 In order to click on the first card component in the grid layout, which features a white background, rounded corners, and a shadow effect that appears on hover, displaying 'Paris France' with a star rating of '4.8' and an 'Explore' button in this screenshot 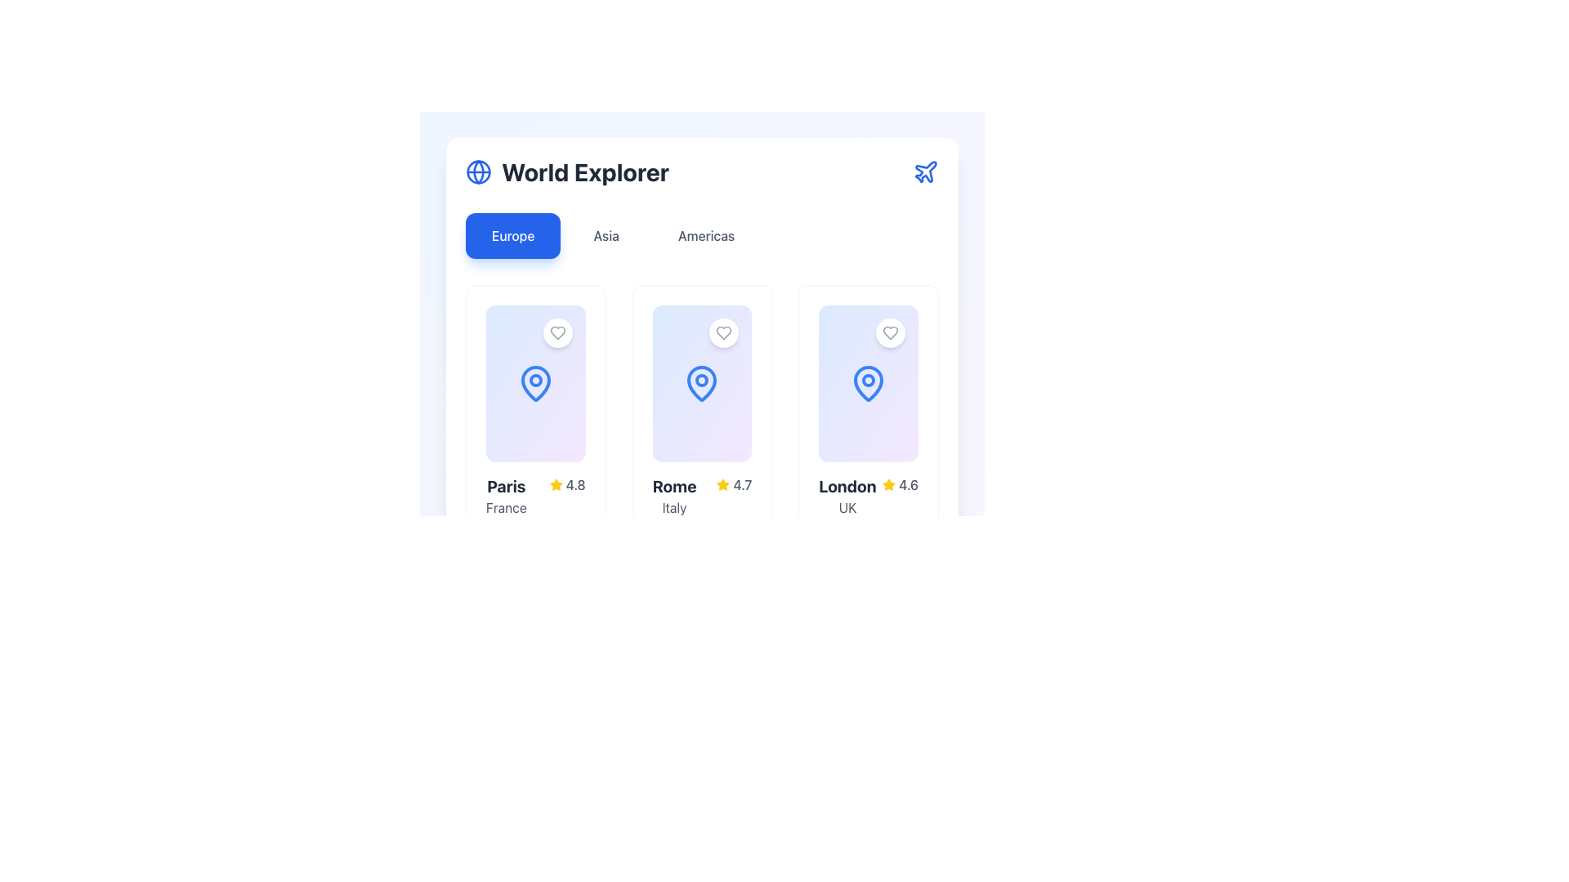, I will do `click(535, 459)`.